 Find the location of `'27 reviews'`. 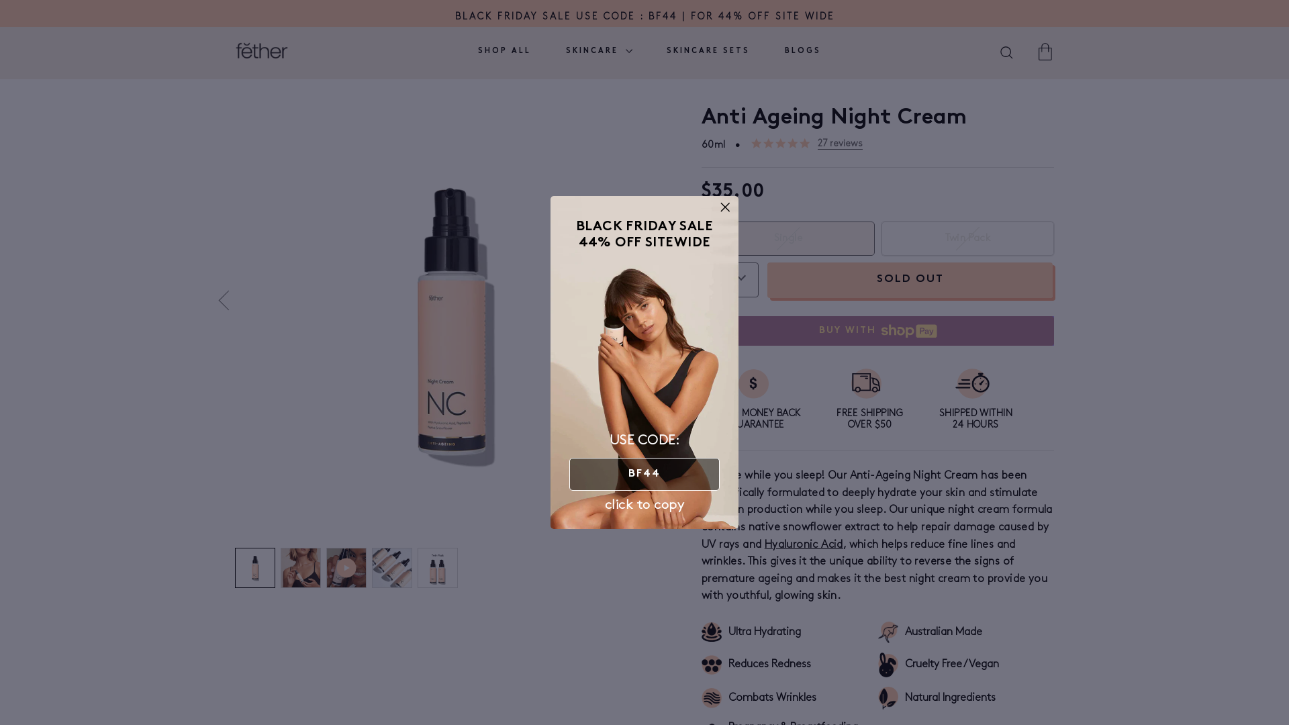

'27 reviews' is located at coordinates (839, 143).